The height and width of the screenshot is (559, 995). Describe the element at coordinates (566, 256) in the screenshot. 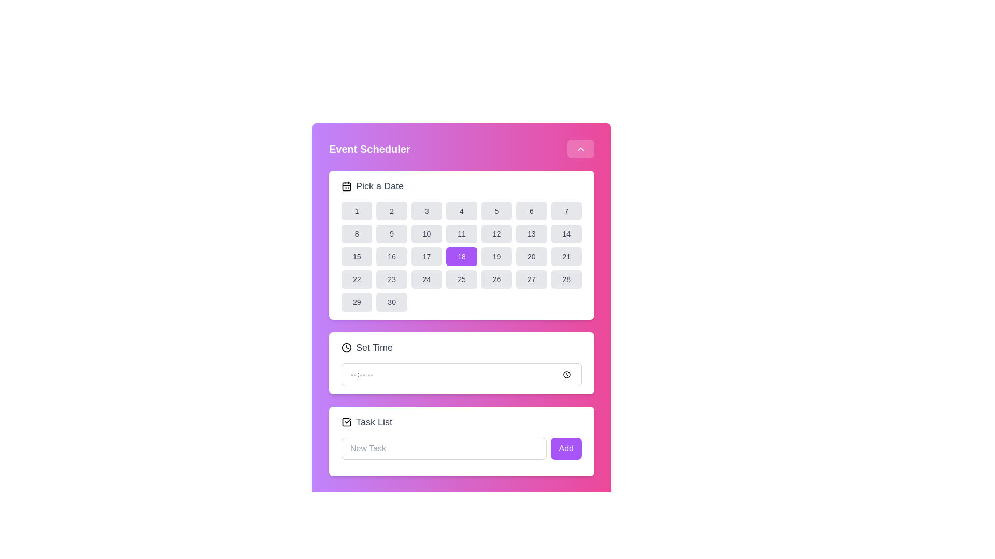

I see `the button` at that location.